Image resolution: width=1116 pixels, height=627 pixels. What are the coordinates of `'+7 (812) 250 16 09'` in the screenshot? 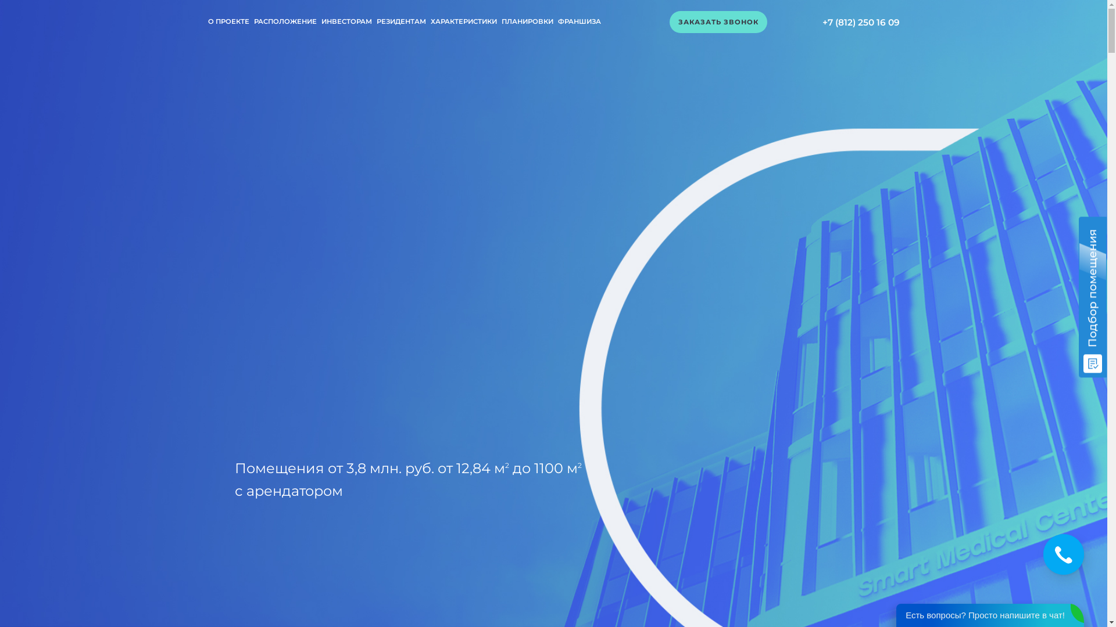 It's located at (860, 22).